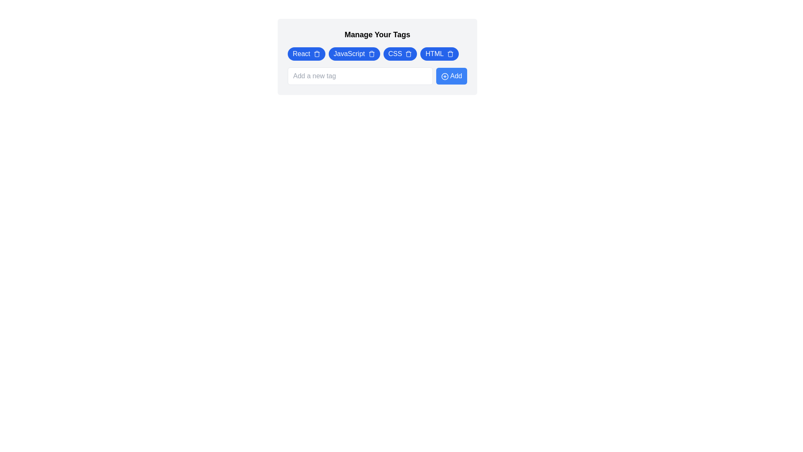 The image size is (803, 452). I want to click on the 'CSS' text label, which is the third item in the group of tags displayed below 'Manage Your Tags', so click(395, 54).